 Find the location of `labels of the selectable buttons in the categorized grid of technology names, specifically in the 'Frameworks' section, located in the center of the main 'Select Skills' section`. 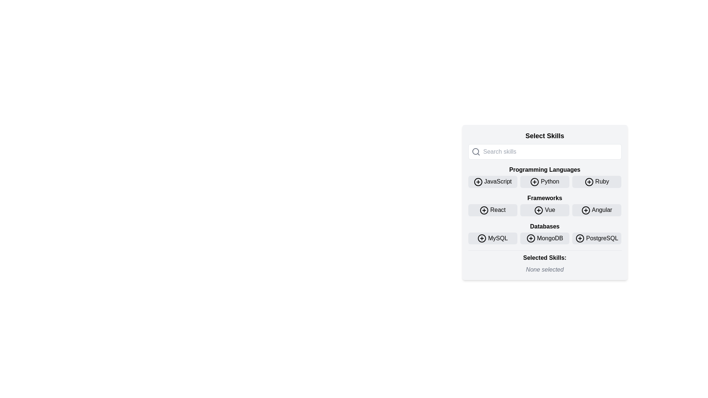

labels of the selectable buttons in the categorized grid of technology names, specifically in the 'Frameworks' section, located in the center of the main 'Select Skills' section is located at coordinates (545, 205).